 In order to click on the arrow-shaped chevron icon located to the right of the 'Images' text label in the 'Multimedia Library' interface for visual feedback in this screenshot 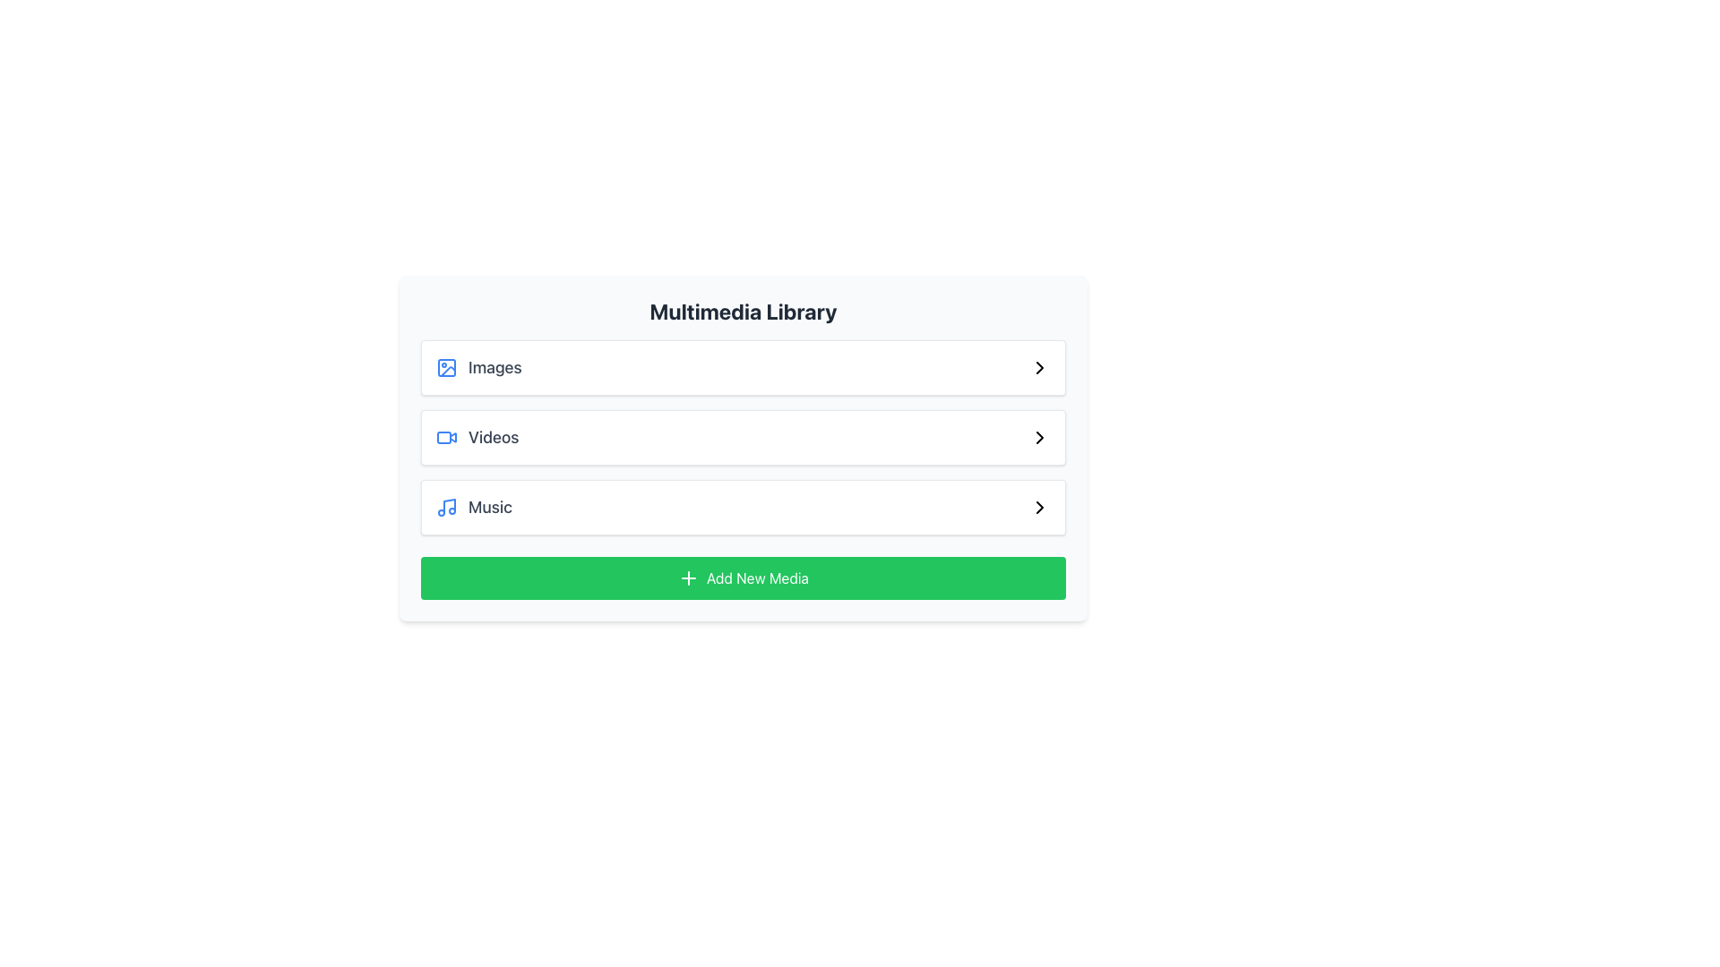, I will do `click(1040, 367)`.